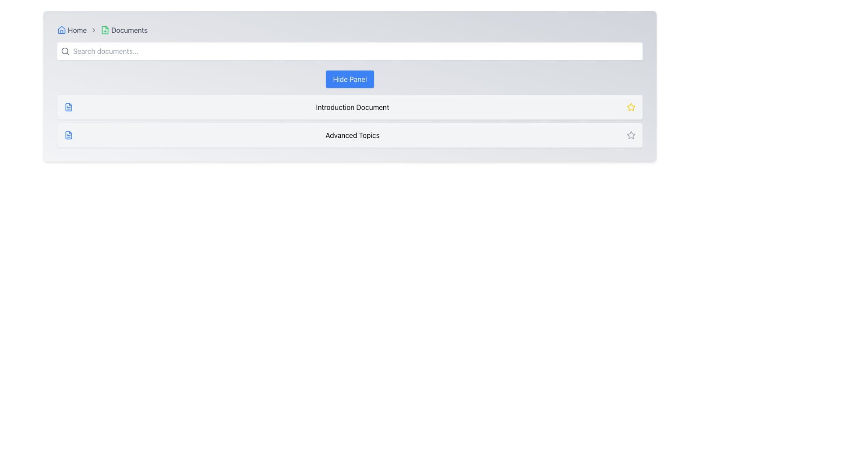 This screenshot has width=841, height=473. What do you see at coordinates (105, 30) in the screenshot?
I see `the icon indicating the creation or addition of a new document, which is located to the left of the 'Documents' text in the breadcrumb navigation bar` at bounding box center [105, 30].